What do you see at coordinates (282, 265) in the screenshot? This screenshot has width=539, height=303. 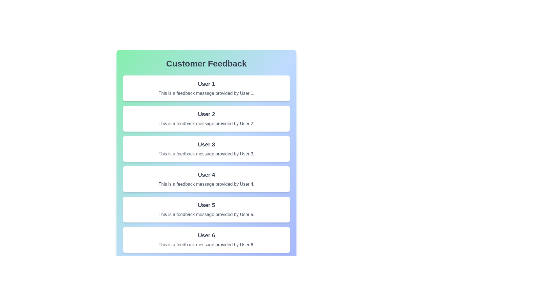 I see `the 'Next' navigation button, which has a light gray background and rounded corners` at bounding box center [282, 265].